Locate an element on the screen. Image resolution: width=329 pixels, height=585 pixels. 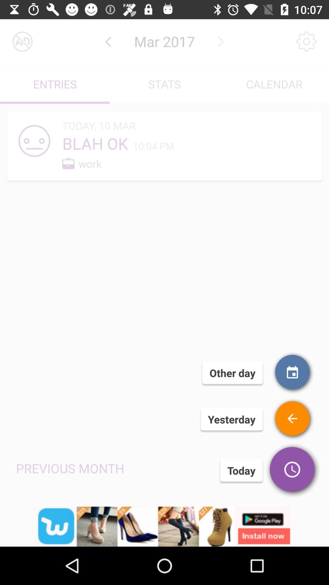
setting button is located at coordinates (306, 41).